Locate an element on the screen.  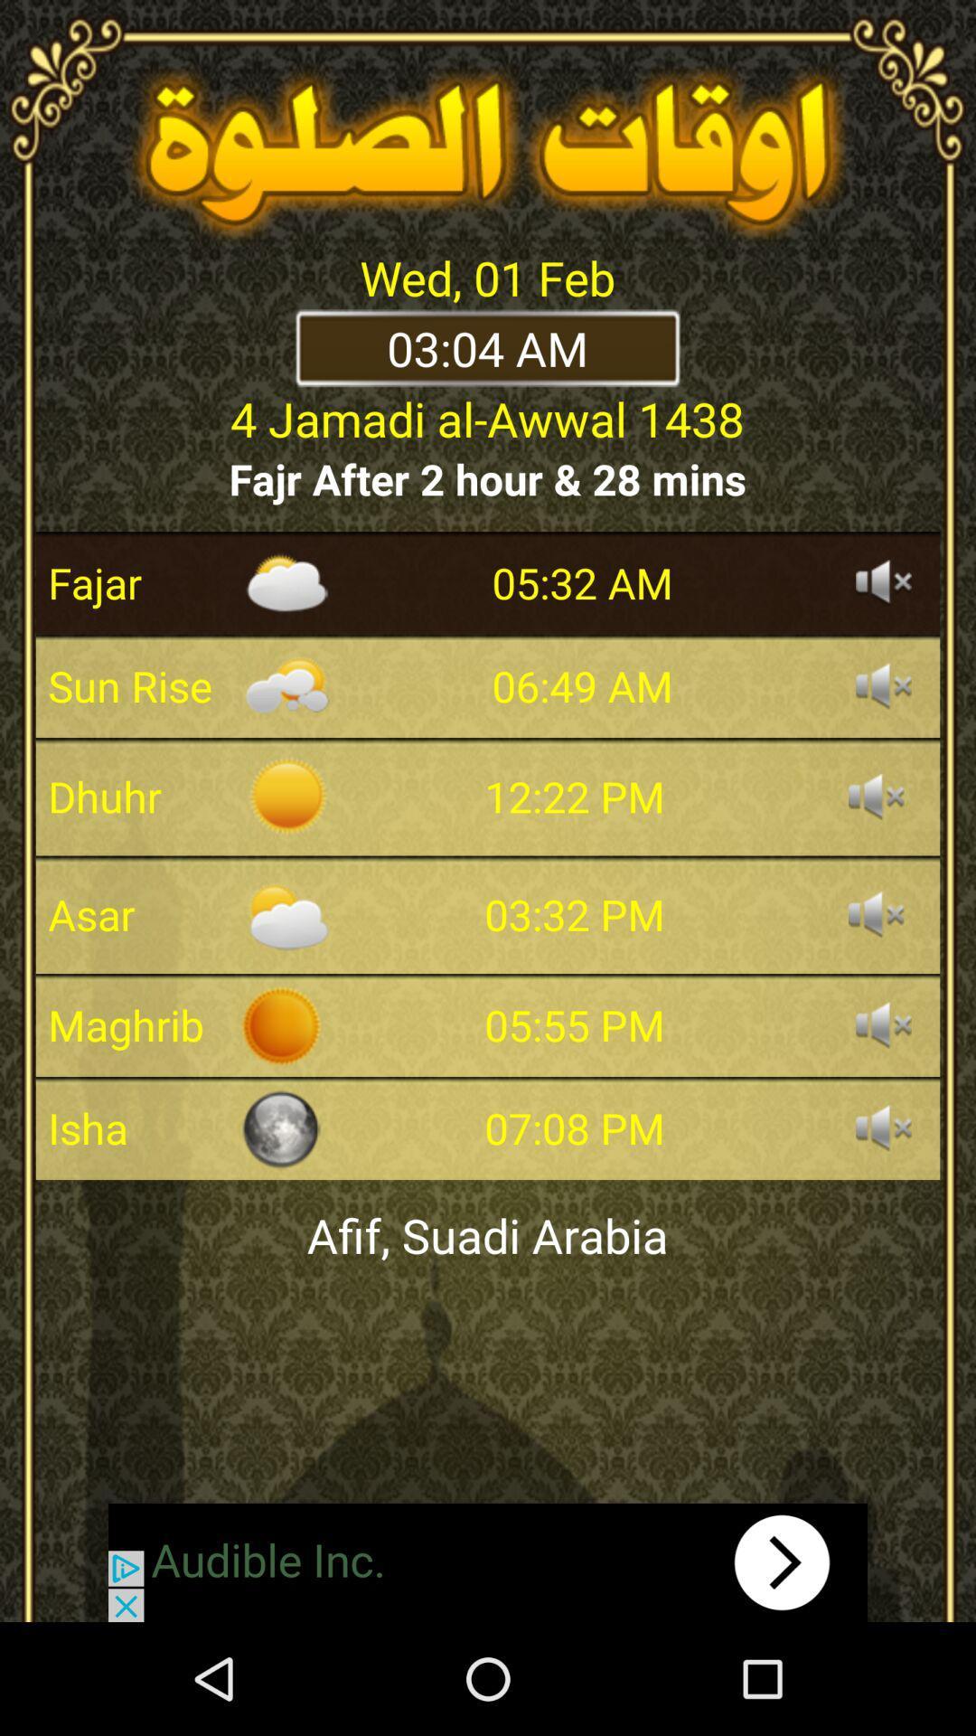
on/off sound is located at coordinates (883, 582).